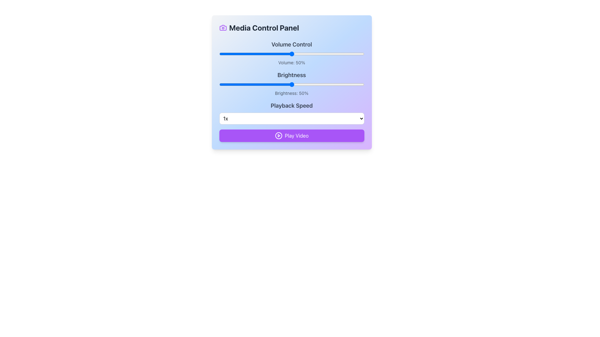  Describe the element at coordinates (291, 62) in the screenshot. I see `the static text label displaying the current volume percentage of 50% located beneath the volume slider in the 'Volume Control' section` at that location.